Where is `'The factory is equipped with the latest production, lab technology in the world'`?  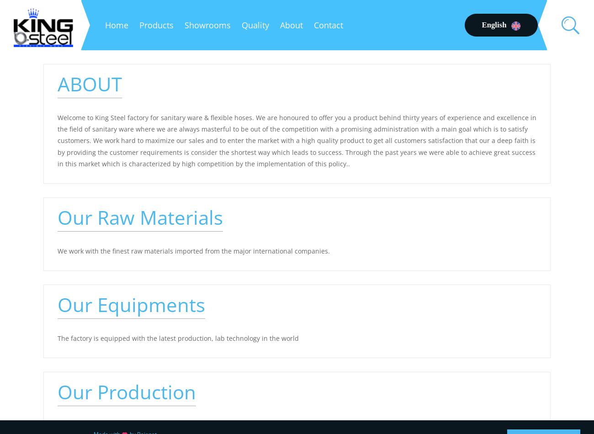 'The factory is equipped with the latest production, lab technology in the world' is located at coordinates (57, 338).